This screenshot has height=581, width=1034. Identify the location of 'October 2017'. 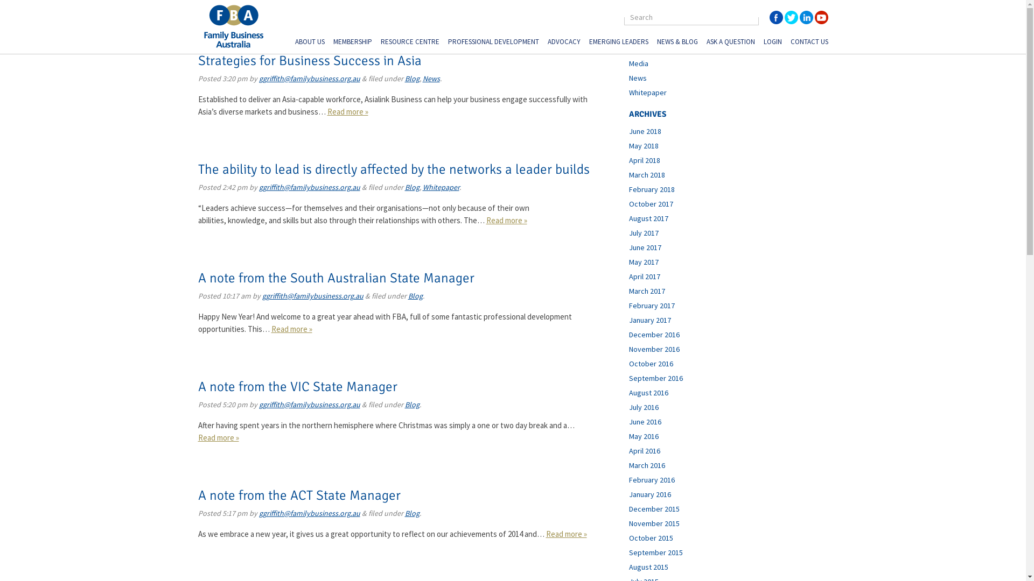
(651, 203).